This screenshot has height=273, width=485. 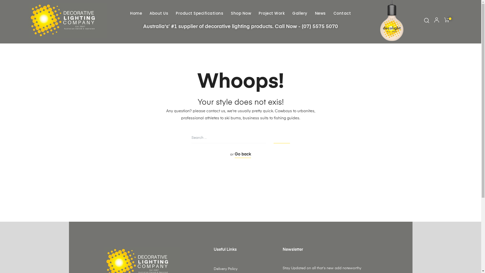 I want to click on 'Product Specifications', so click(x=173, y=13).